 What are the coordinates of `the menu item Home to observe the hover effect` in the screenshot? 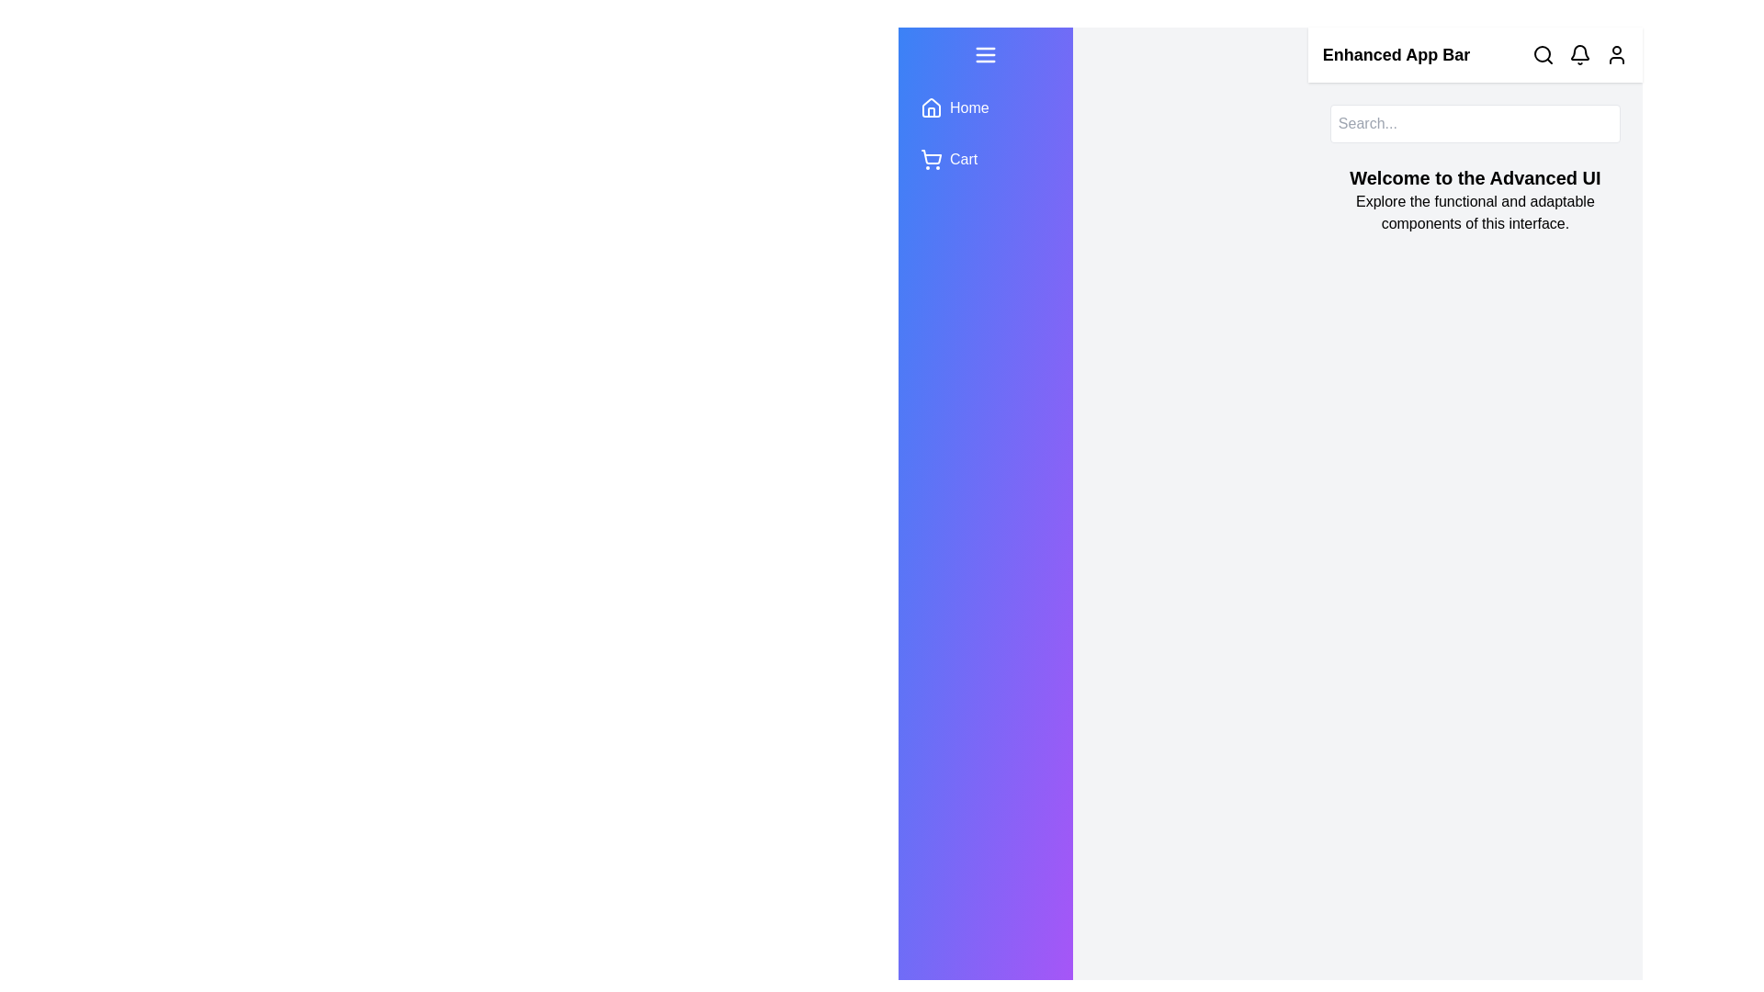 It's located at (983, 108).